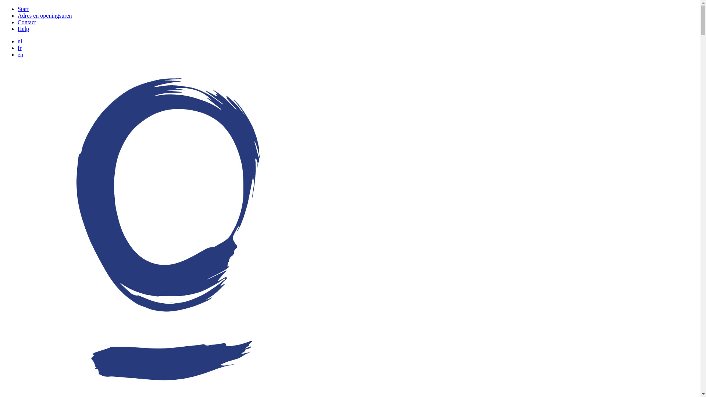 The height and width of the screenshot is (397, 706). I want to click on 'Adres en openingsuren', so click(18, 15).